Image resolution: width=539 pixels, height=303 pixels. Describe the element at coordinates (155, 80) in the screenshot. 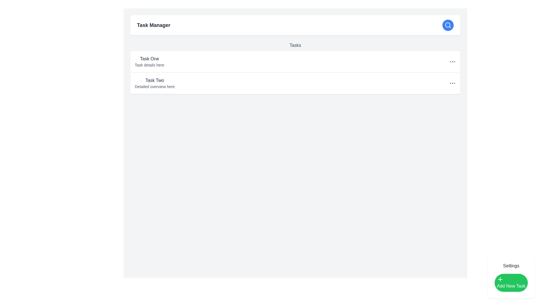

I see `the 'Task Two' text display, which is styled prominently with a medium font weight and gray color` at that location.